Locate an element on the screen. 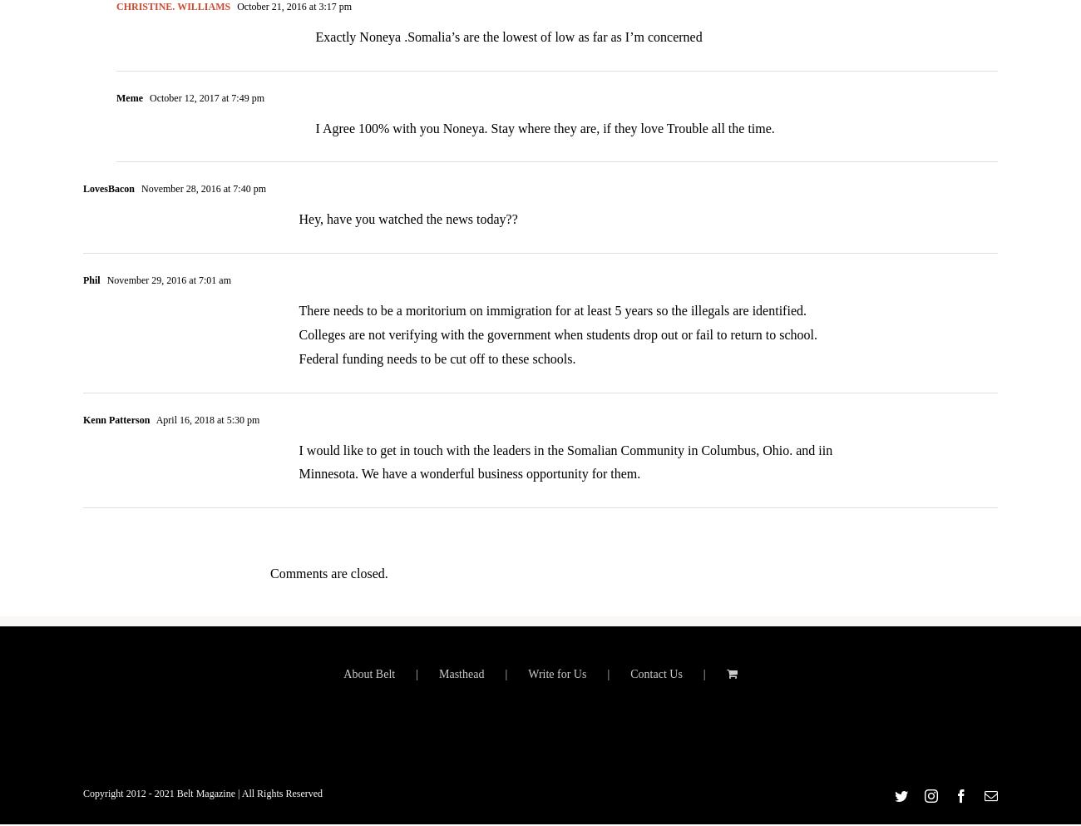 The height and width of the screenshot is (826, 1081). 'November 29, 2016 at 7:01 am' is located at coordinates (166, 292).